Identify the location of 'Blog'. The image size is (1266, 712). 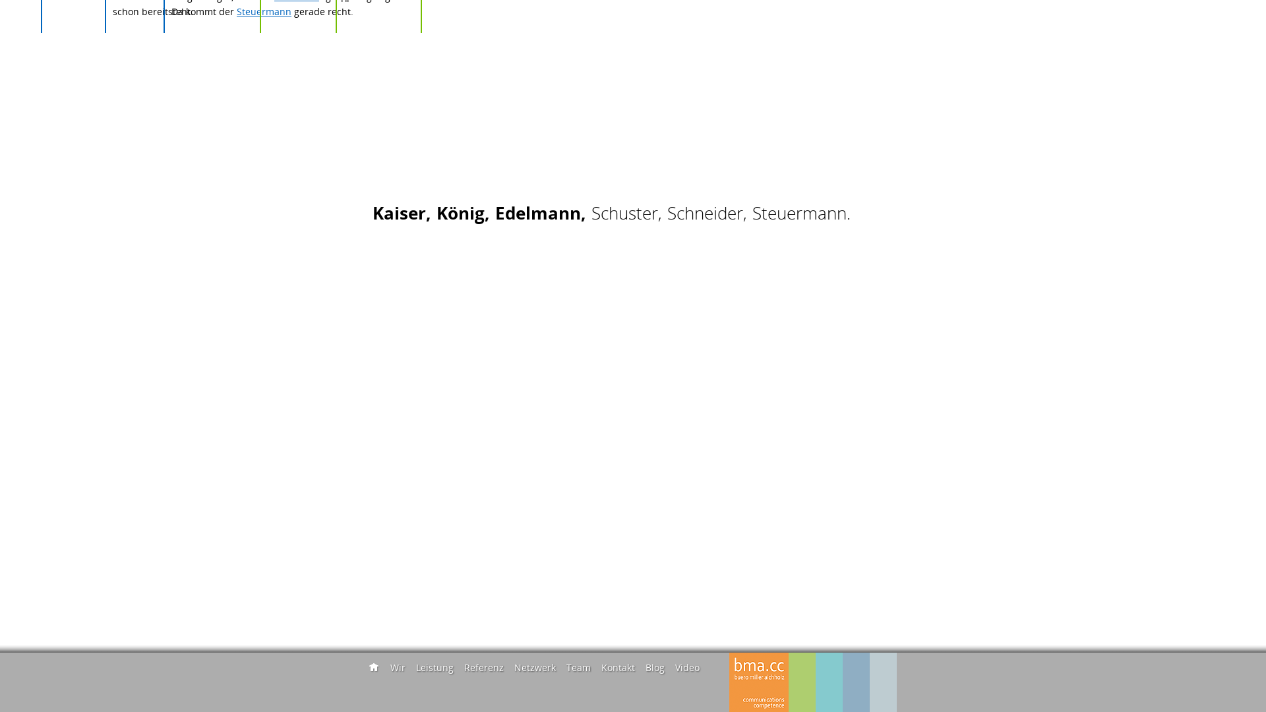
(655, 667).